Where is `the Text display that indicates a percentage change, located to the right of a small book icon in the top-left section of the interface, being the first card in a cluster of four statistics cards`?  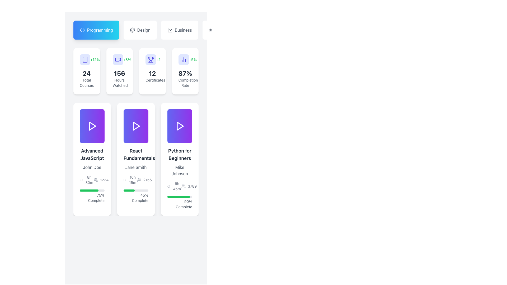
the Text display that indicates a percentage change, located to the right of a small book icon in the top-left section of the interface, being the first card in a cluster of four statistics cards is located at coordinates (95, 59).